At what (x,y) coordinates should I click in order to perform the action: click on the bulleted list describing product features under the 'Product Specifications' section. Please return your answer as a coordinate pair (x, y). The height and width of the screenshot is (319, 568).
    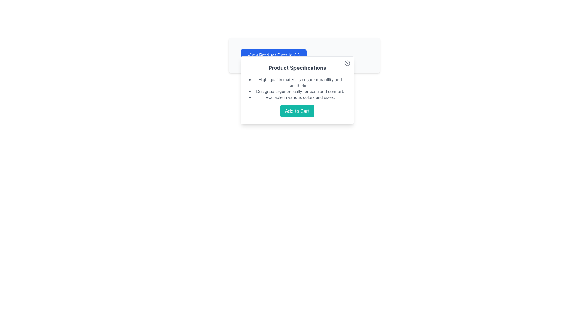
    Looking at the image, I should click on (297, 89).